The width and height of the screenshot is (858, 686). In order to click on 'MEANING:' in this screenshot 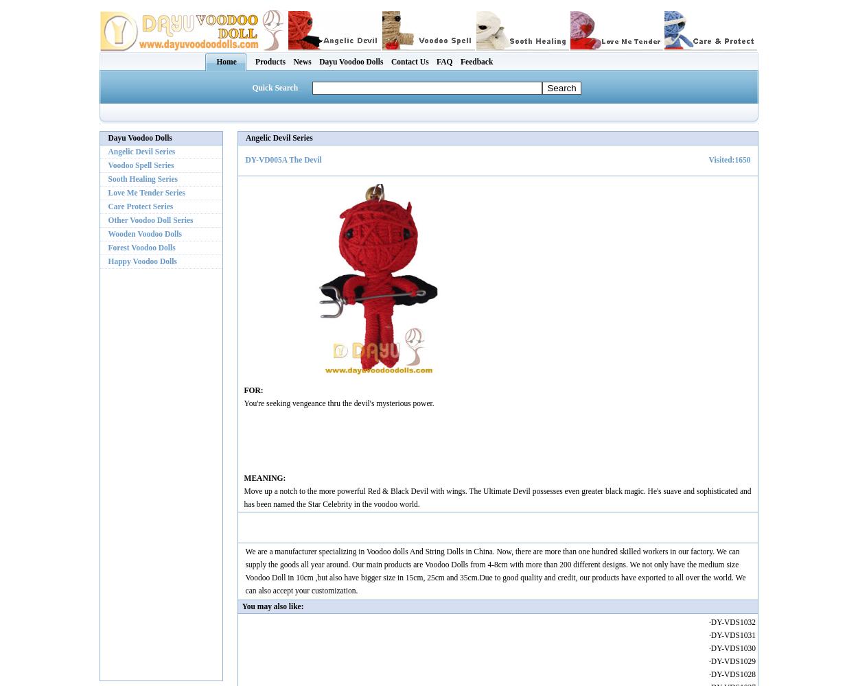, I will do `click(264, 477)`.